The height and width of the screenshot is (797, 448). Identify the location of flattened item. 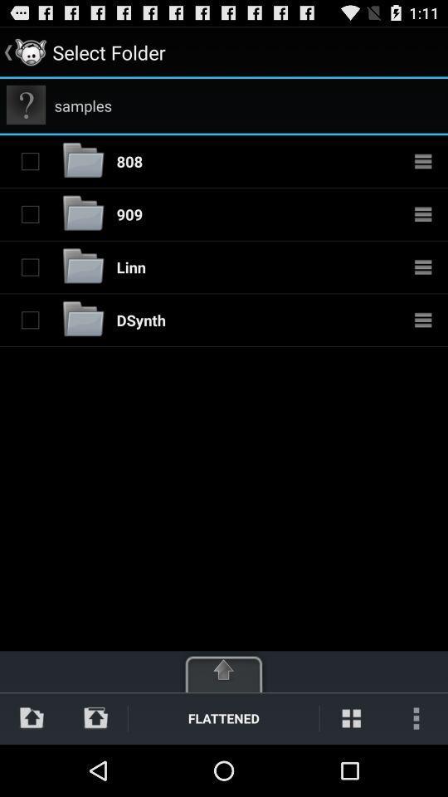
(223, 717).